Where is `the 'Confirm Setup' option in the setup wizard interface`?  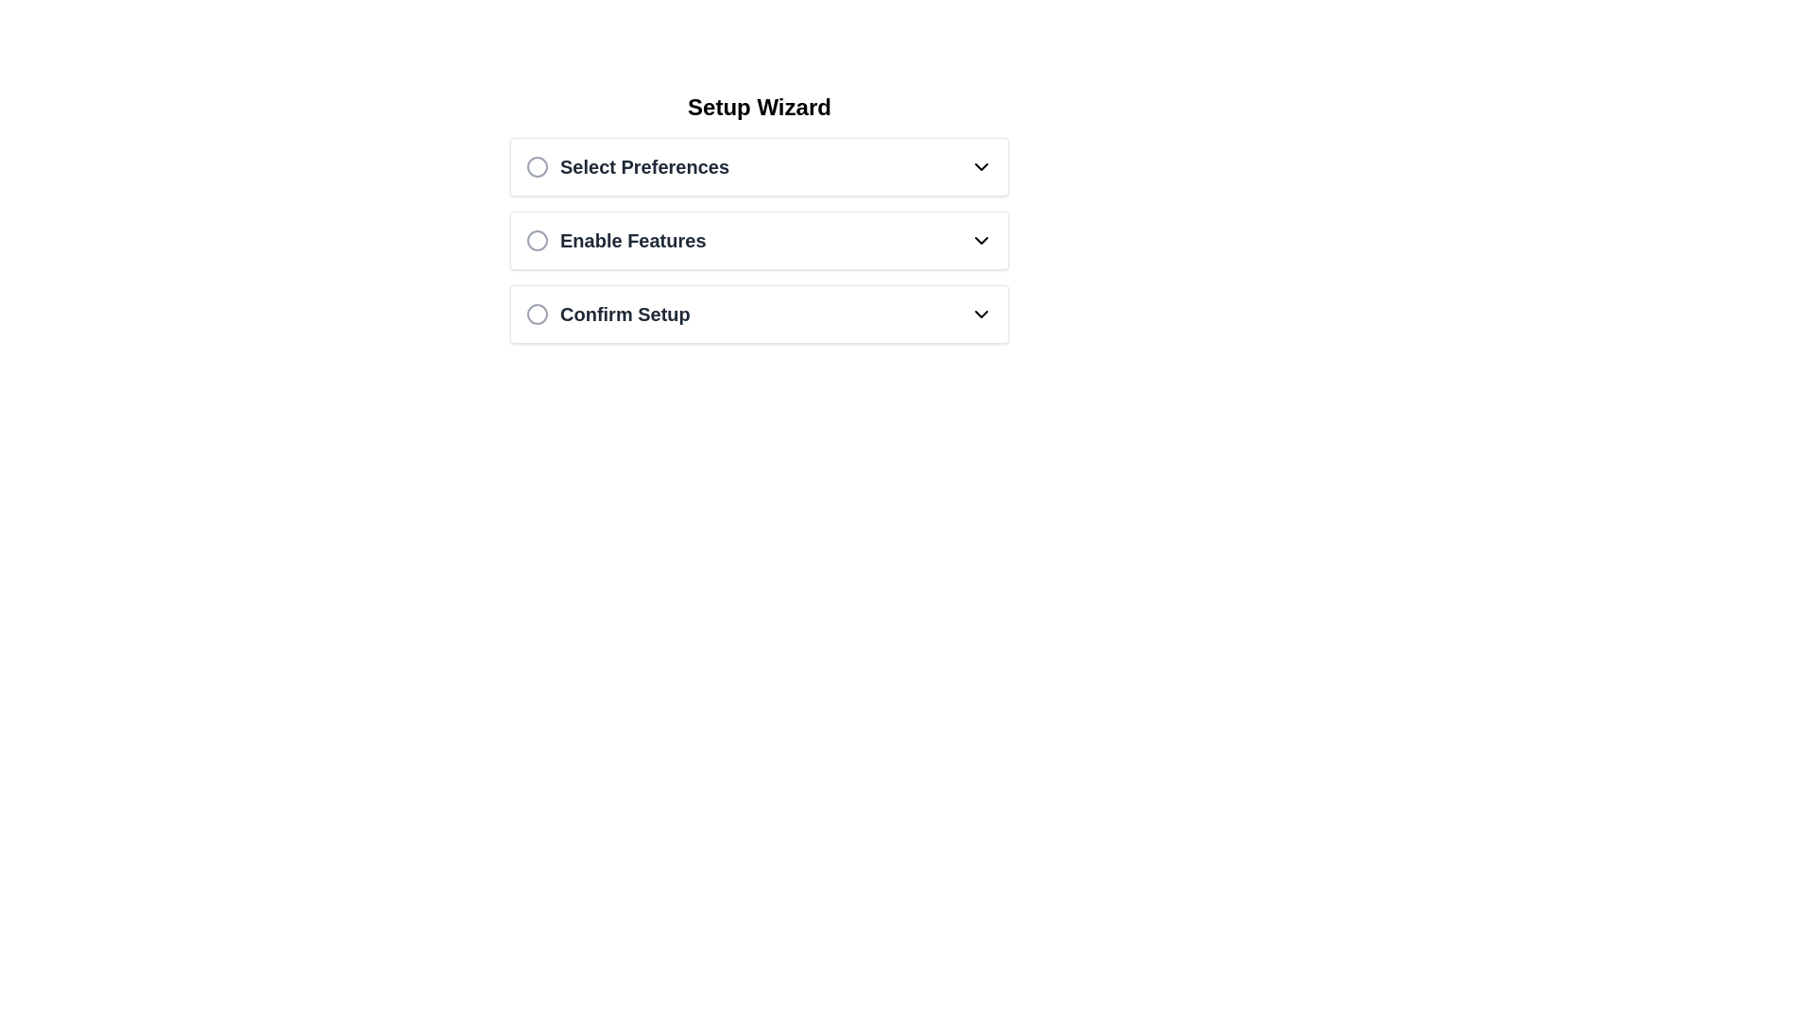
the 'Confirm Setup' option in the setup wizard interface is located at coordinates (760, 313).